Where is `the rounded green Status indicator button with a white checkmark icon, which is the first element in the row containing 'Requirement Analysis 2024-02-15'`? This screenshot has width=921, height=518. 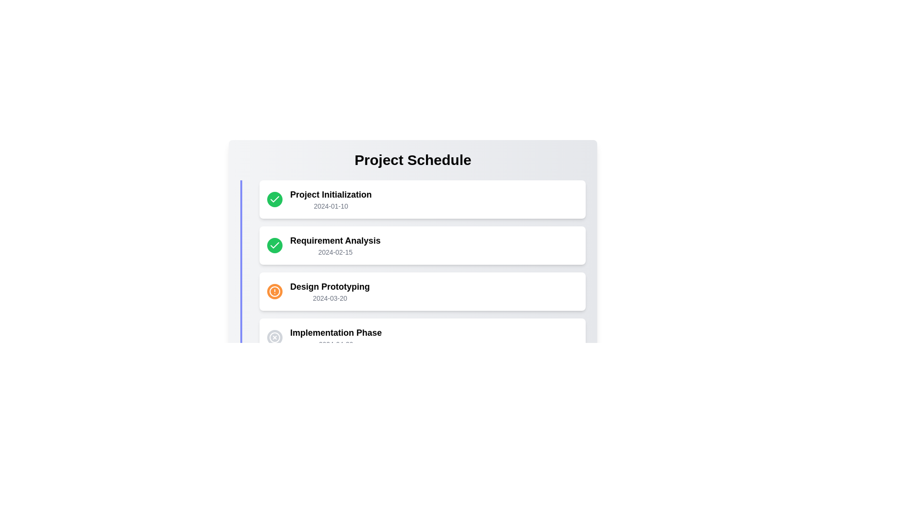
the rounded green Status indicator button with a white checkmark icon, which is the first element in the row containing 'Requirement Analysis 2024-02-15' is located at coordinates (274, 245).